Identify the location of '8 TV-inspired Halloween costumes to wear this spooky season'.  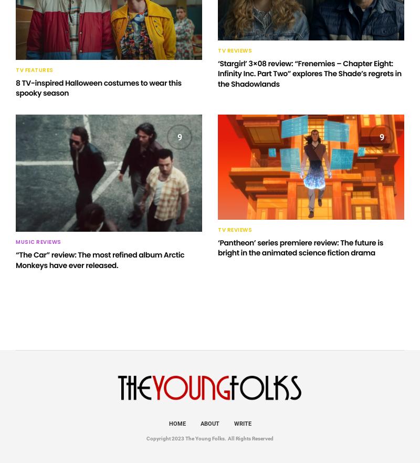
(16, 87).